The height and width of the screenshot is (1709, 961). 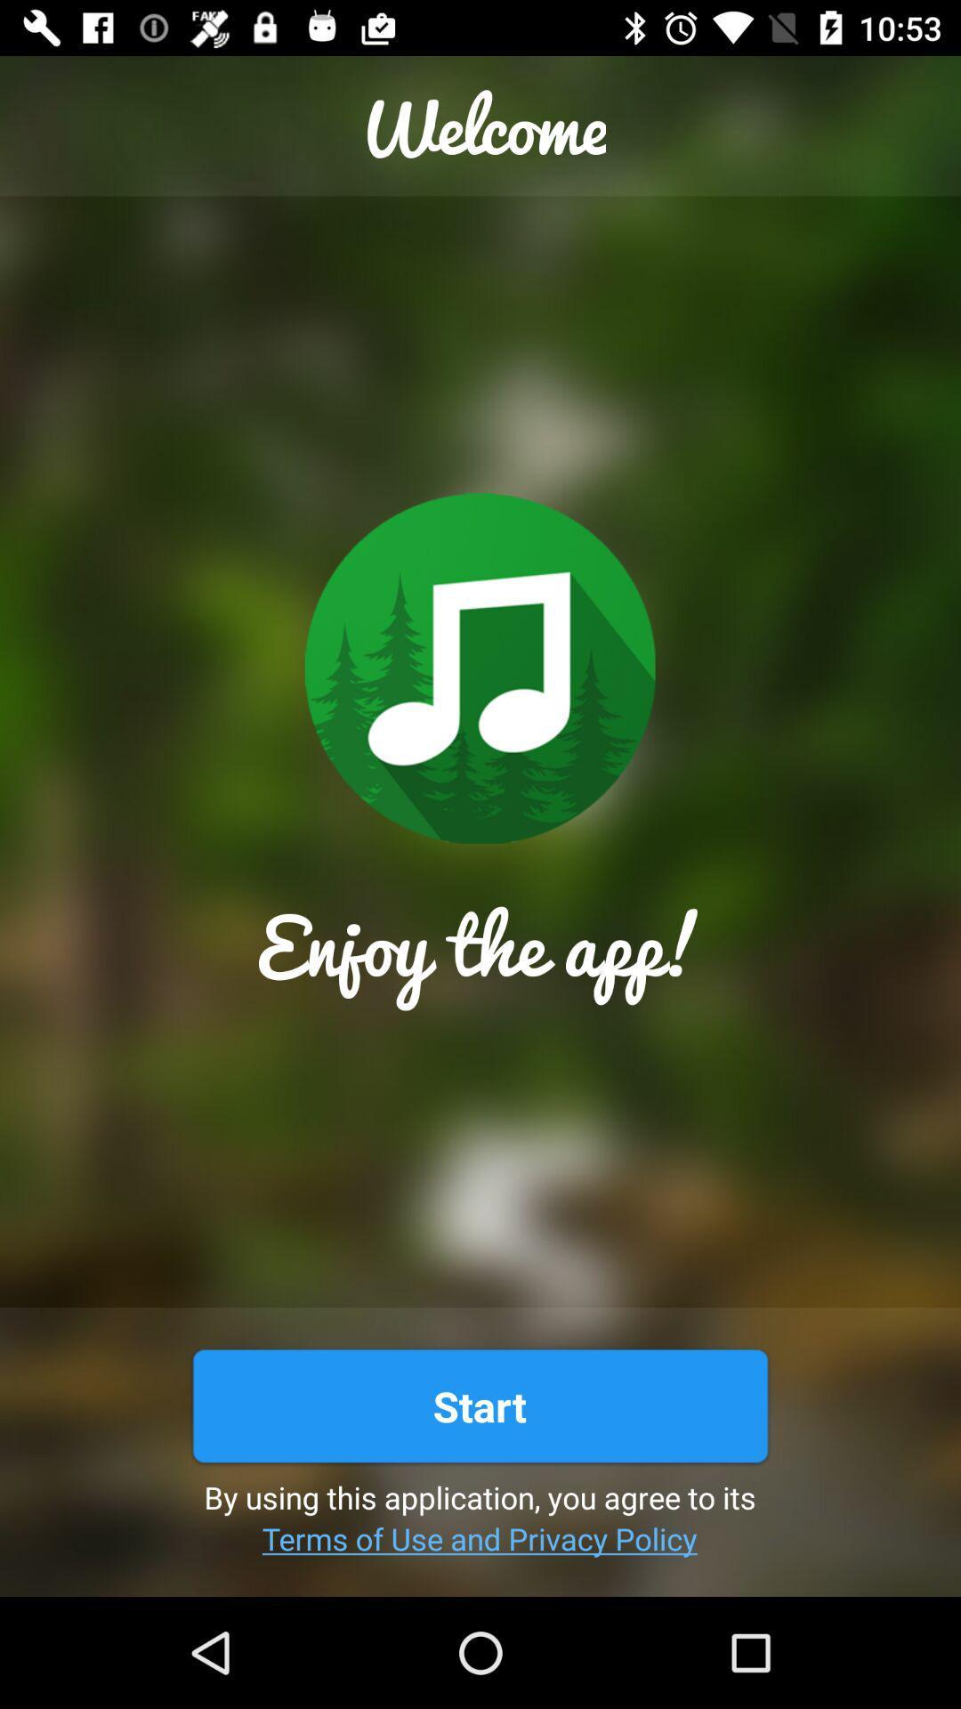 What do you see at coordinates (479, 1405) in the screenshot?
I see `the start` at bounding box center [479, 1405].